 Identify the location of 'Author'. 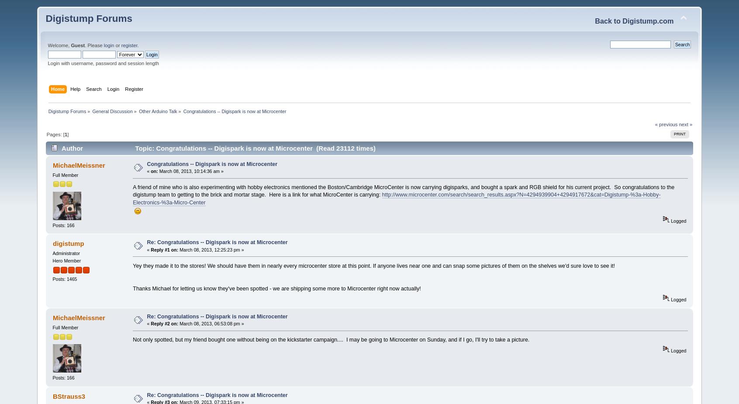
(72, 147).